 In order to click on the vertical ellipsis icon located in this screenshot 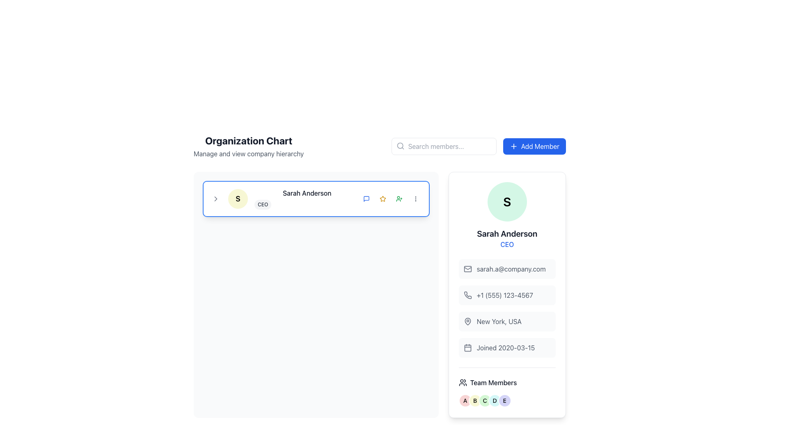, I will do `click(415, 199)`.